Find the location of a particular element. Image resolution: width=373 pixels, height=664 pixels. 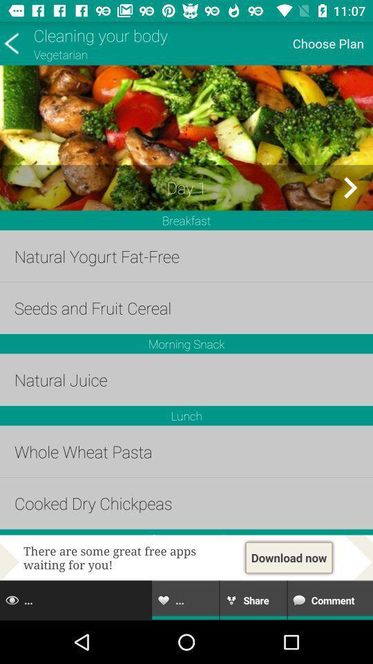

the arrow_forward icon is located at coordinates (350, 187).